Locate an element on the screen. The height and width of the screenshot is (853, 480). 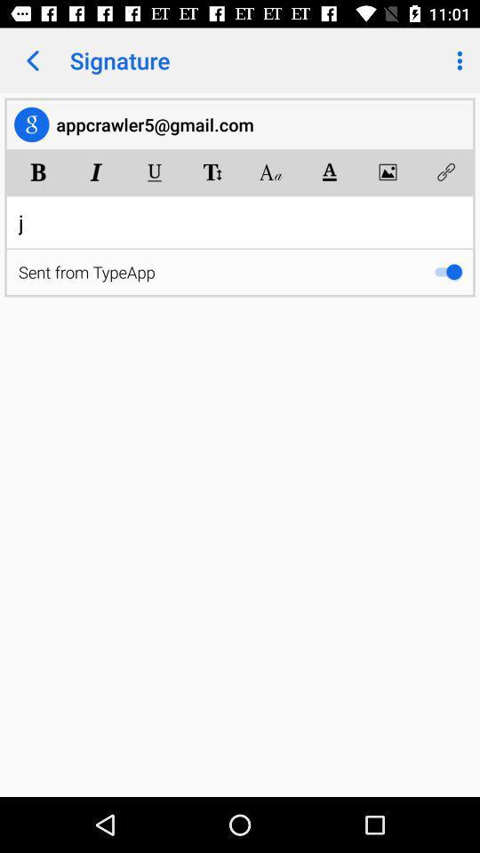
the item to the right of the sent from typeapp app is located at coordinates (447, 272).